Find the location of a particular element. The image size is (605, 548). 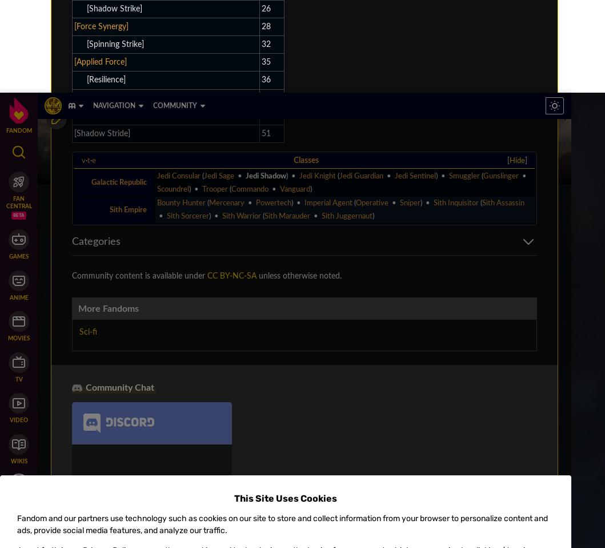

'Careers' is located at coordinates (61, 83).